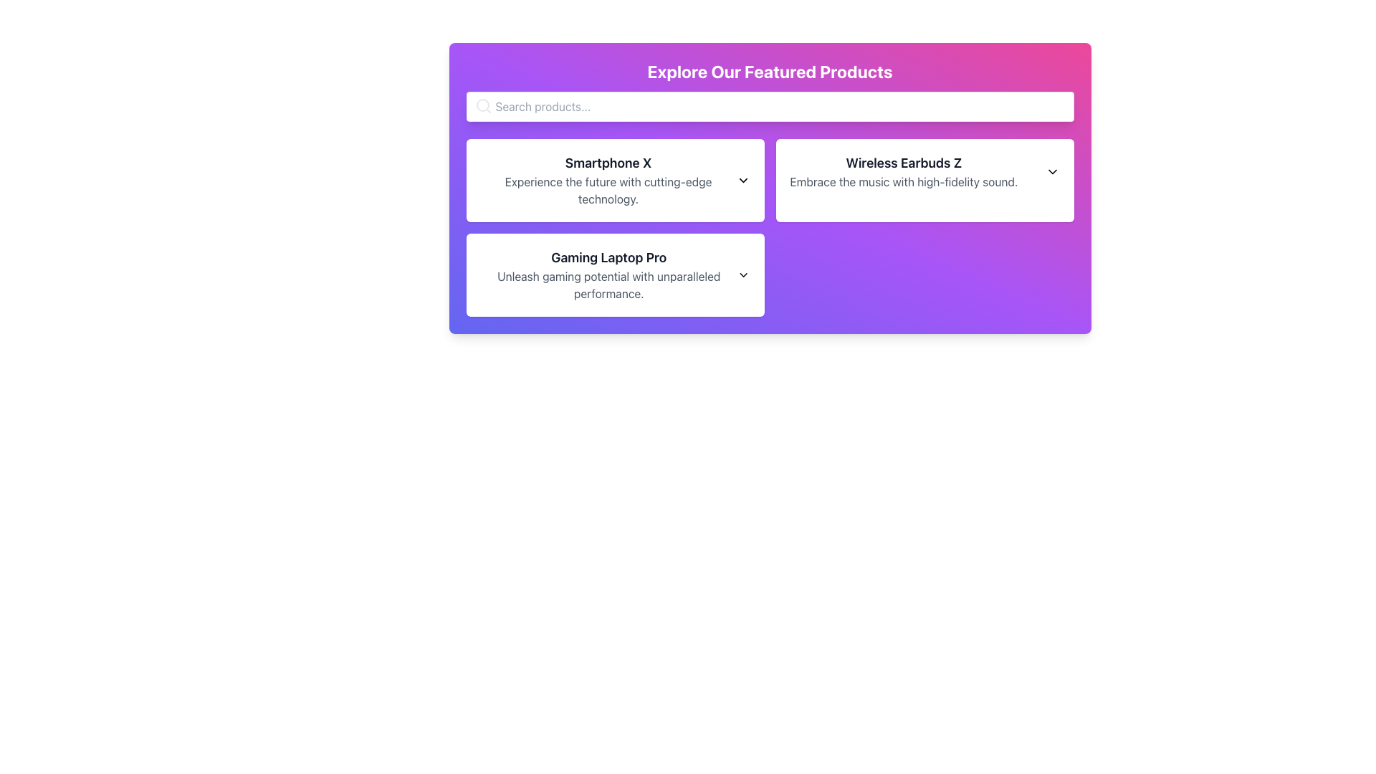 The image size is (1376, 774). Describe the element at coordinates (903, 162) in the screenshot. I see `the Text Label displaying the name 'Wireless Earbuds Z' located in the second card of a three-card layout` at that location.